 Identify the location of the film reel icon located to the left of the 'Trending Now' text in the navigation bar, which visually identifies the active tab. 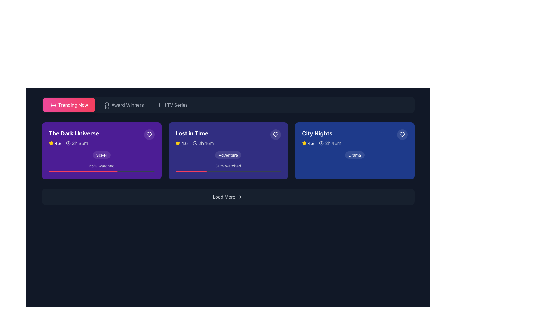
(53, 105).